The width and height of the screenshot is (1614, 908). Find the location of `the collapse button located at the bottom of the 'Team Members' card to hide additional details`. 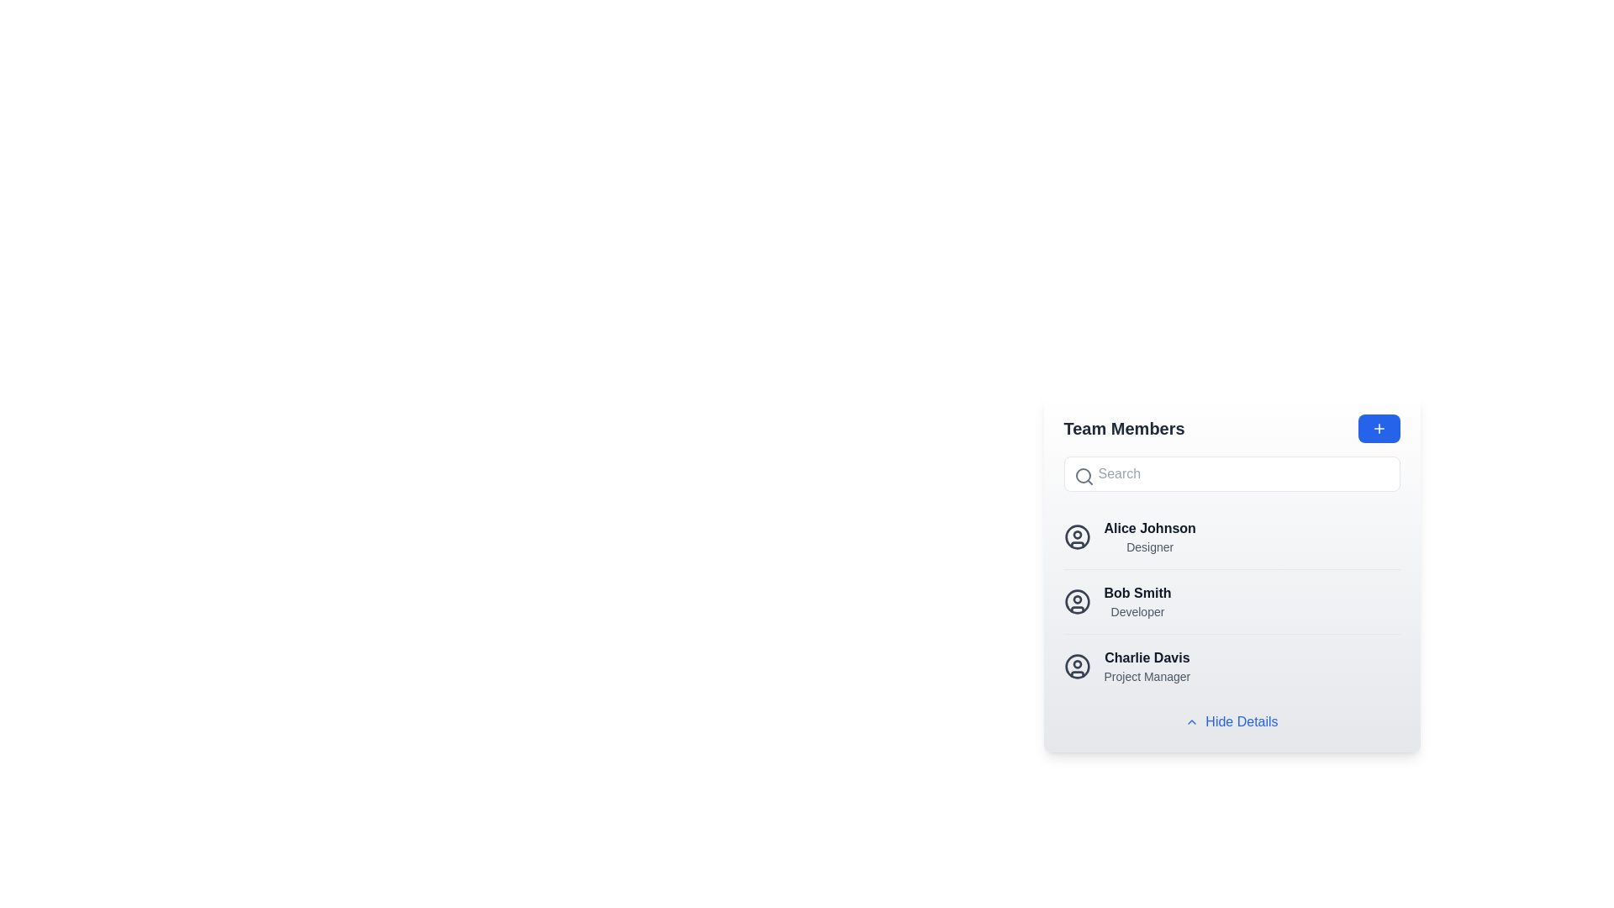

the collapse button located at the bottom of the 'Team Members' card to hide additional details is located at coordinates (1232, 721).